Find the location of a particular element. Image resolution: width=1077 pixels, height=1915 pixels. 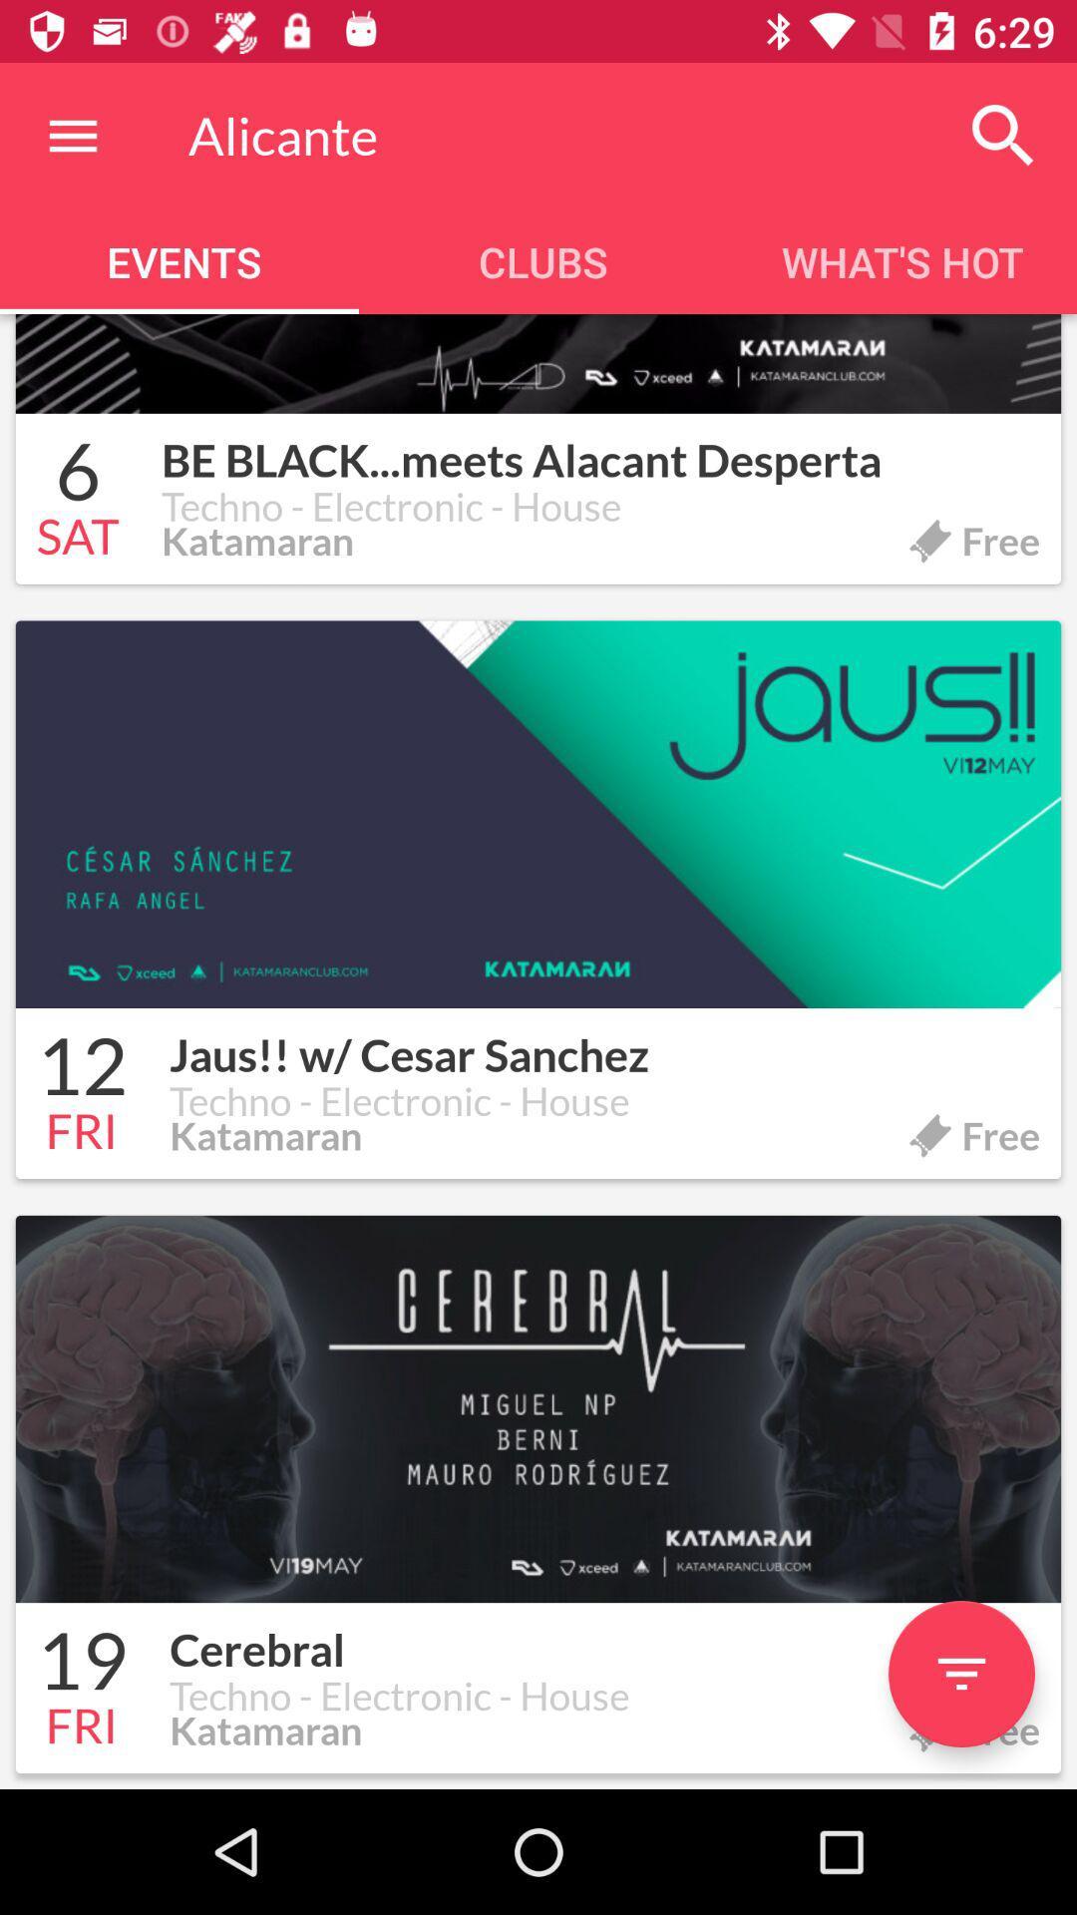

icon below 6 is located at coordinates (77, 539).